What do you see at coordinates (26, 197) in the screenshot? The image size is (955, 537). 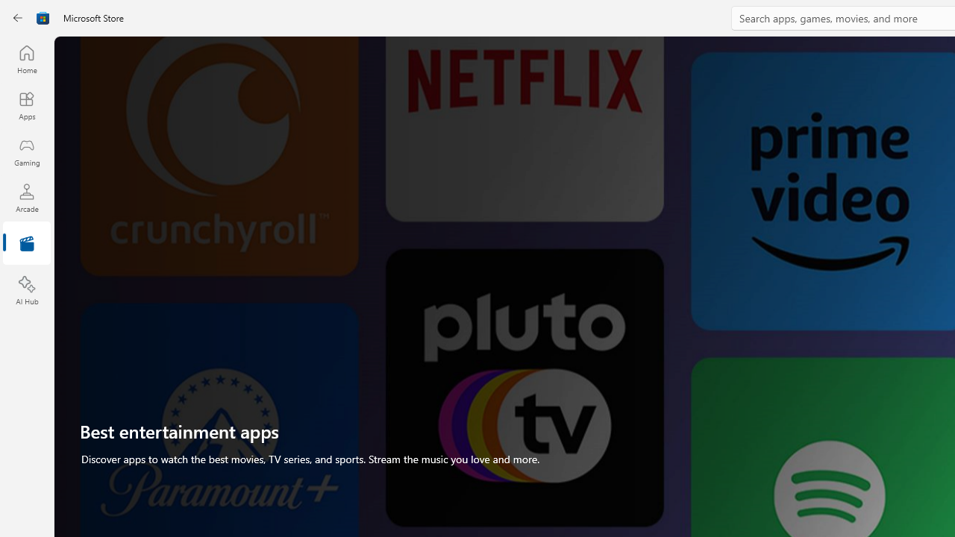 I see `'Arcade'` at bounding box center [26, 197].